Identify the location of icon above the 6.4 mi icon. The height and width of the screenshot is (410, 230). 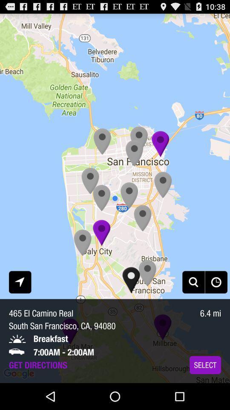
(216, 281).